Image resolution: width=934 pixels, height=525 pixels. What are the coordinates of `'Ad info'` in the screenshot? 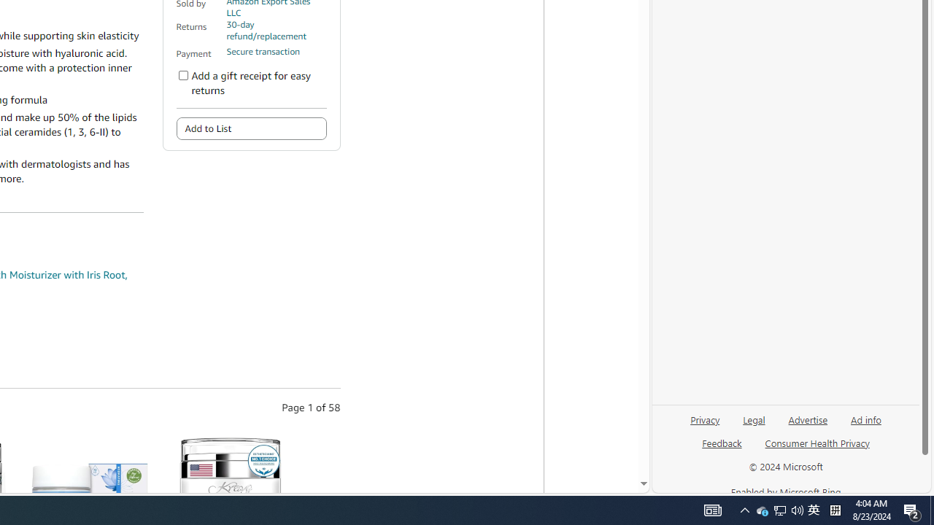 It's located at (865, 425).